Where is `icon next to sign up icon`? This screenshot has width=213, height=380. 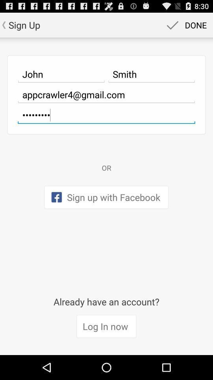 icon next to sign up icon is located at coordinates (185, 25).